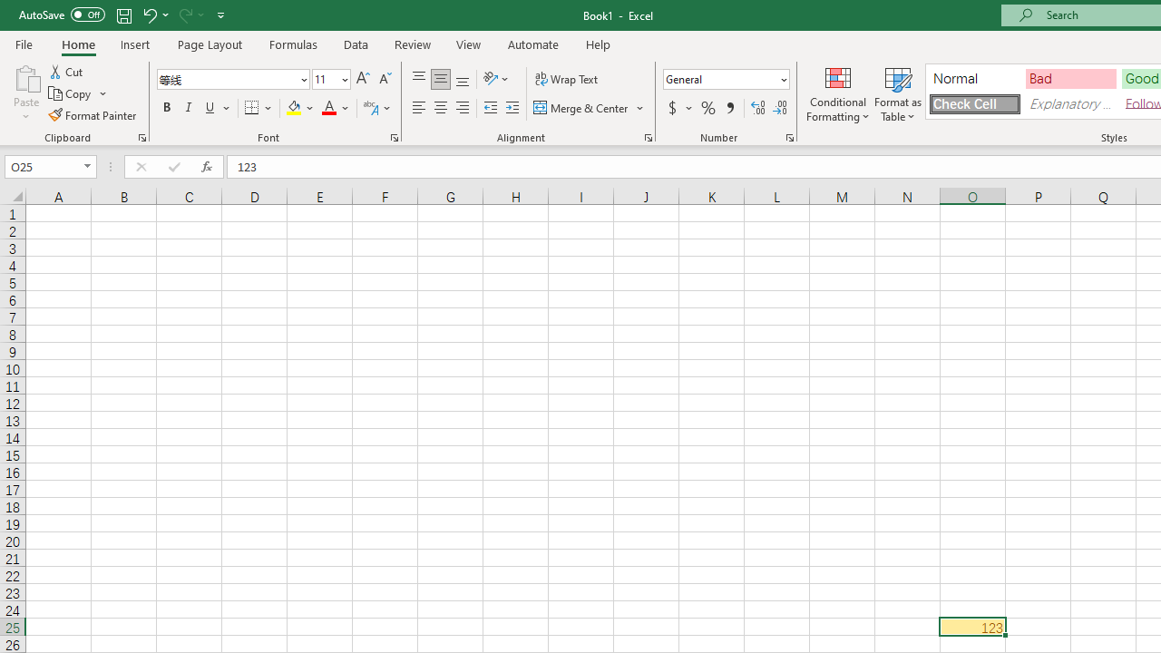 Image resolution: width=1161 pixels, height=653 pixels. Describe the element at coordinates (581, 108) in the screenshot. I see `'Merge & Center'` at that location.